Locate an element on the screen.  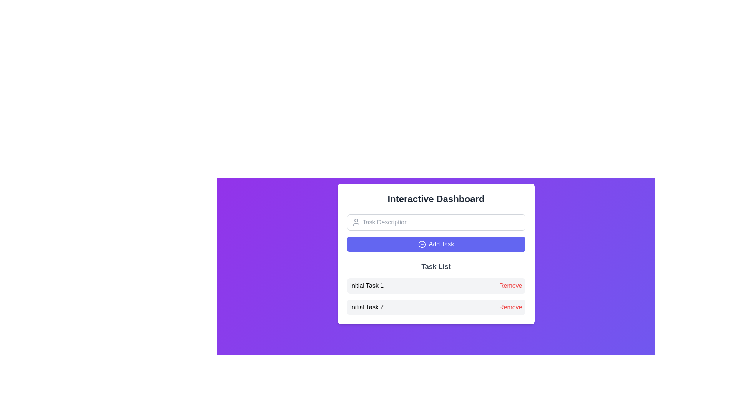
the button that allows users to remove 'Initial Task 2' from the task list is located at coordinates (510, 307).